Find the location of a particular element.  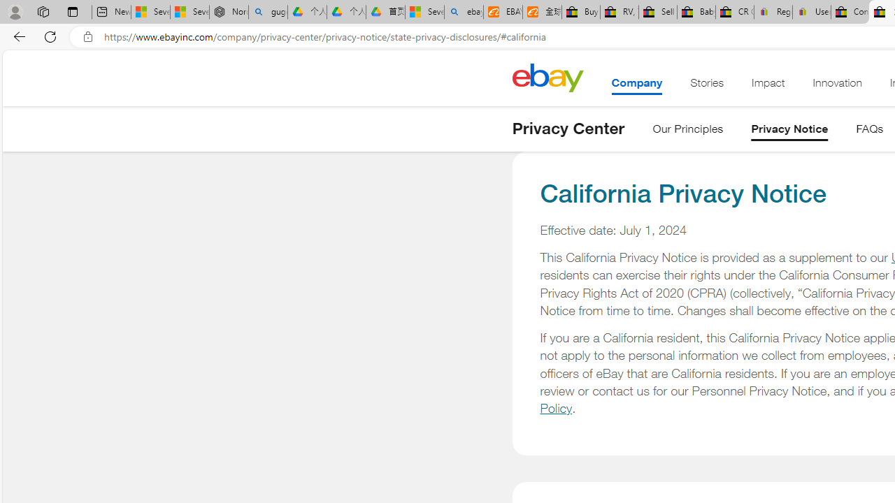

'User Privacy Notice | eBay' is located at coordinates (811, 12).